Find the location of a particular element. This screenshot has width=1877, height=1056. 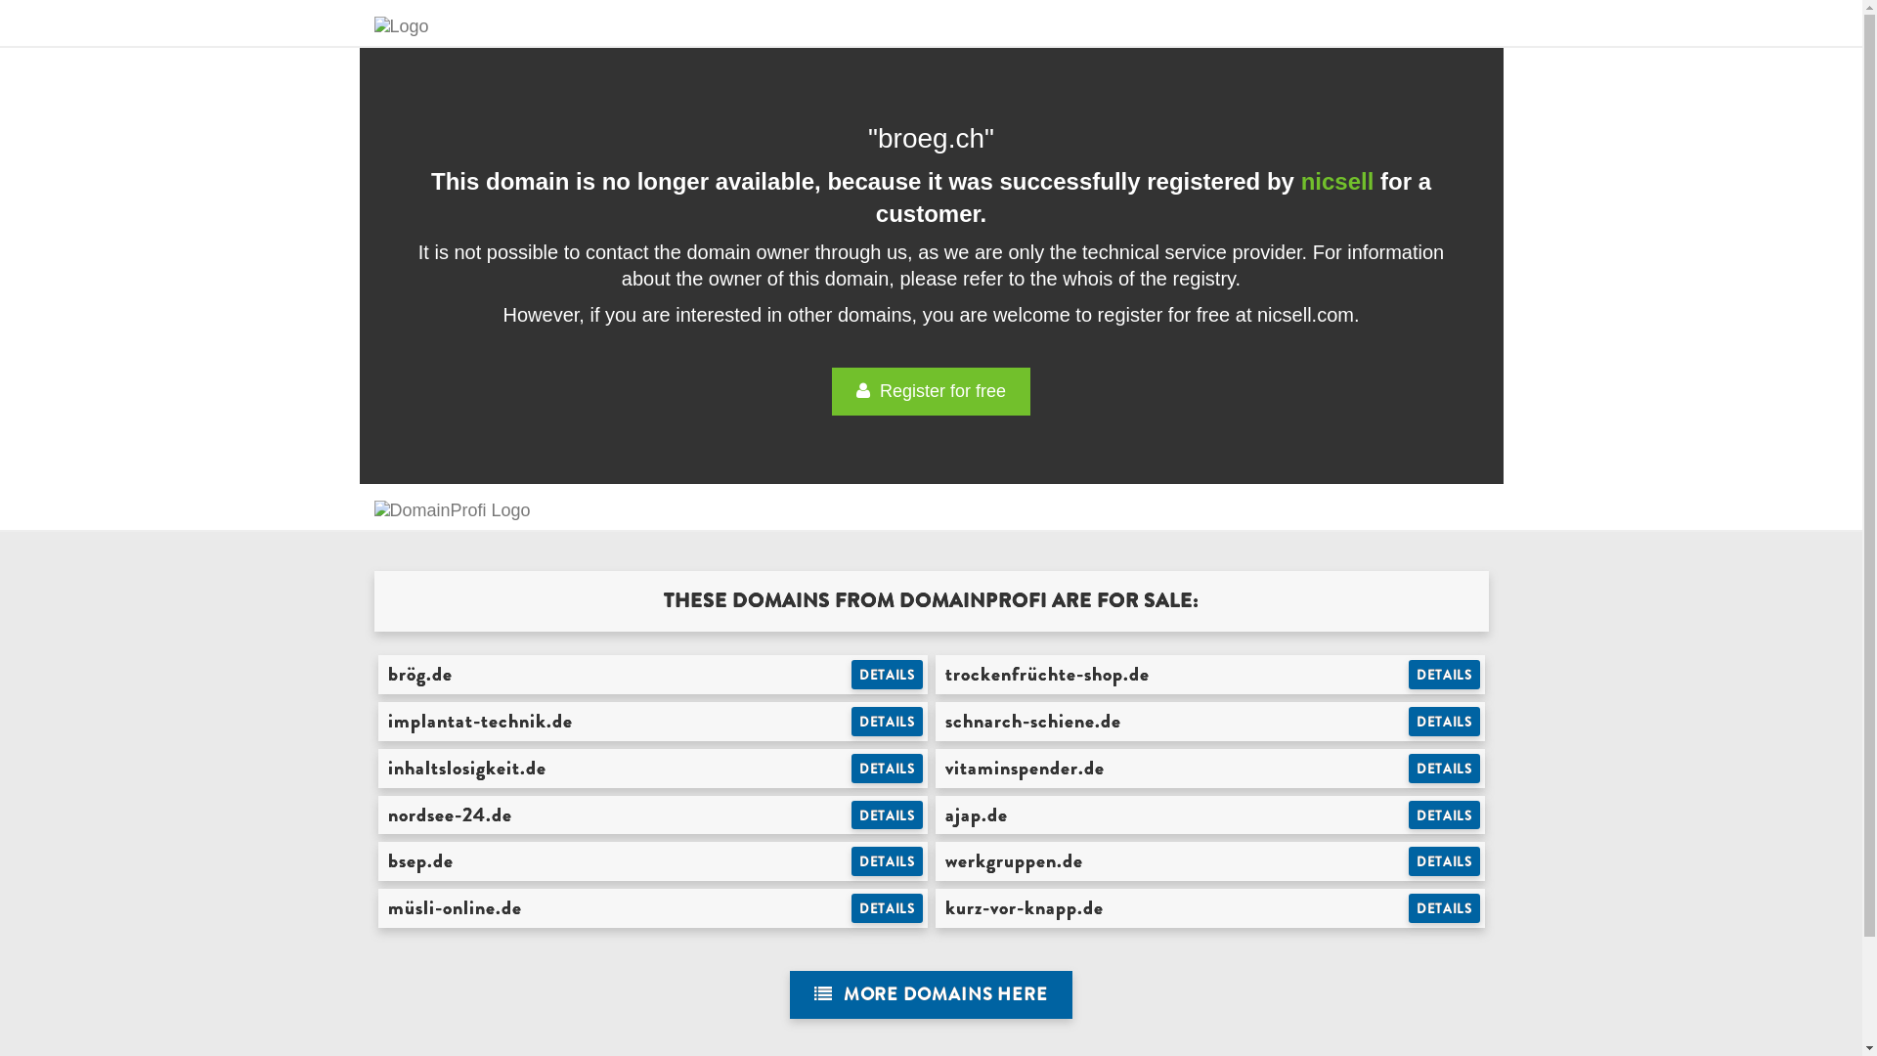

'  MORE DOMAINS HERE' is located at coordinates (789, 994).